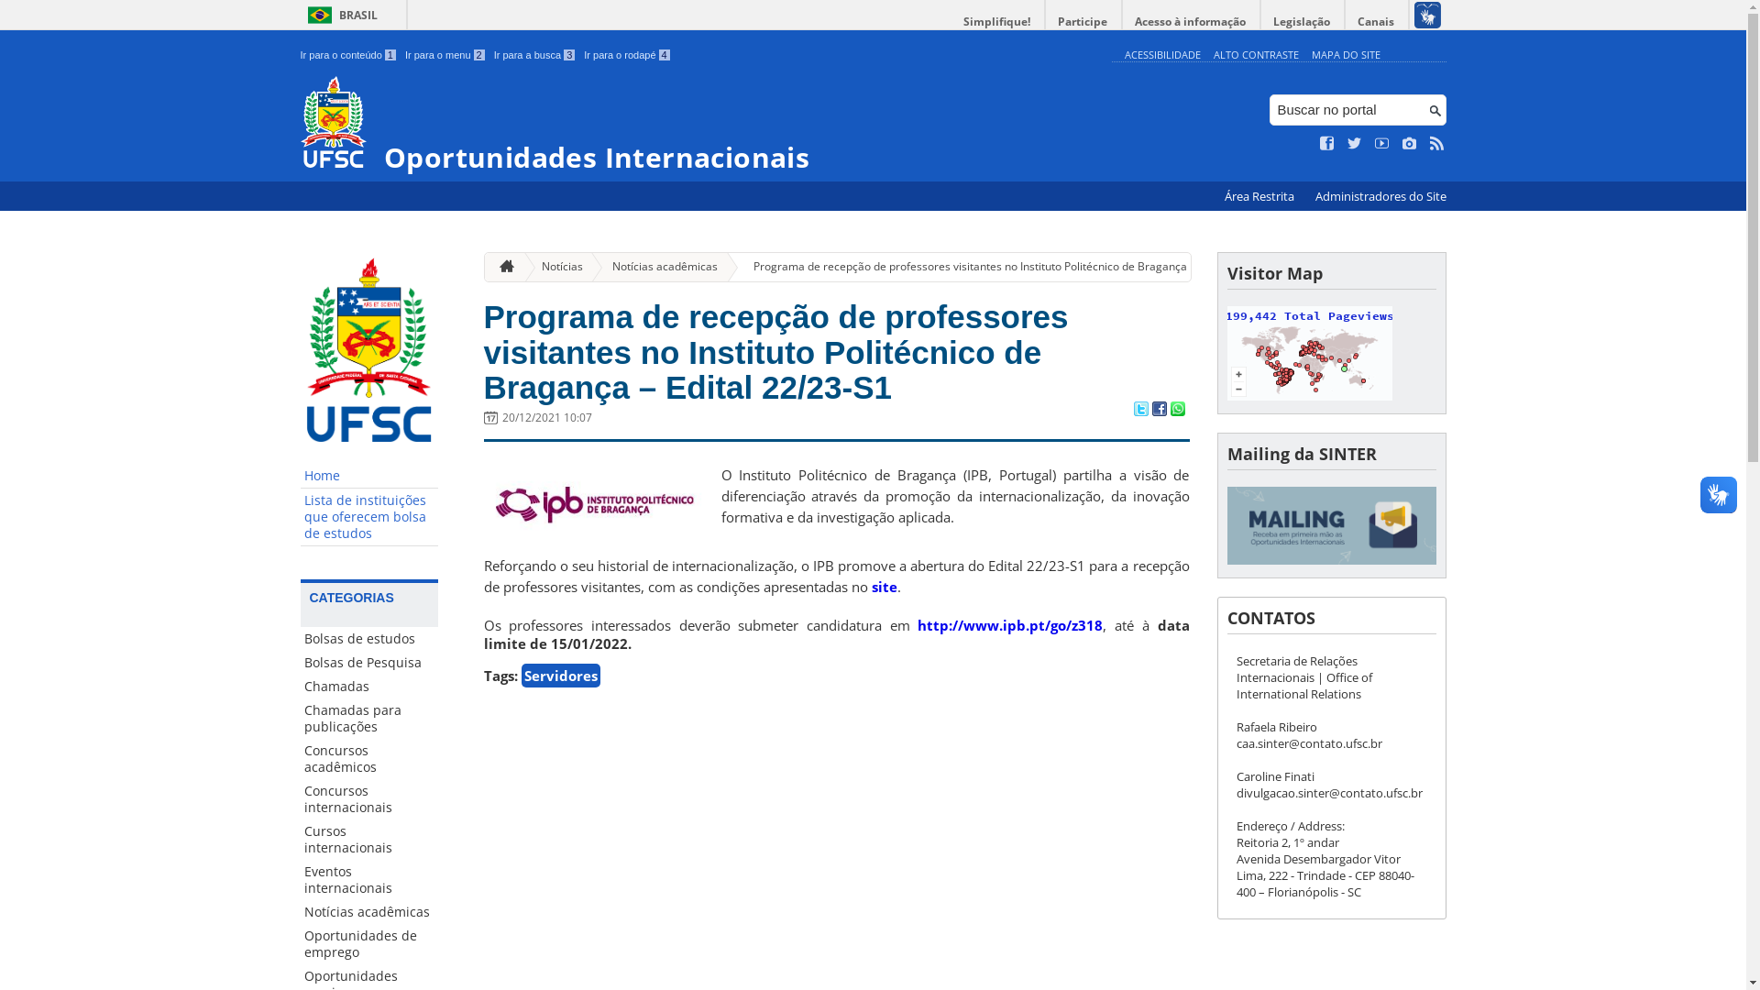 Image resolution: width=1760 pixels, height=990 pixels. I want to click on 'Canais', so click(1377, 21).